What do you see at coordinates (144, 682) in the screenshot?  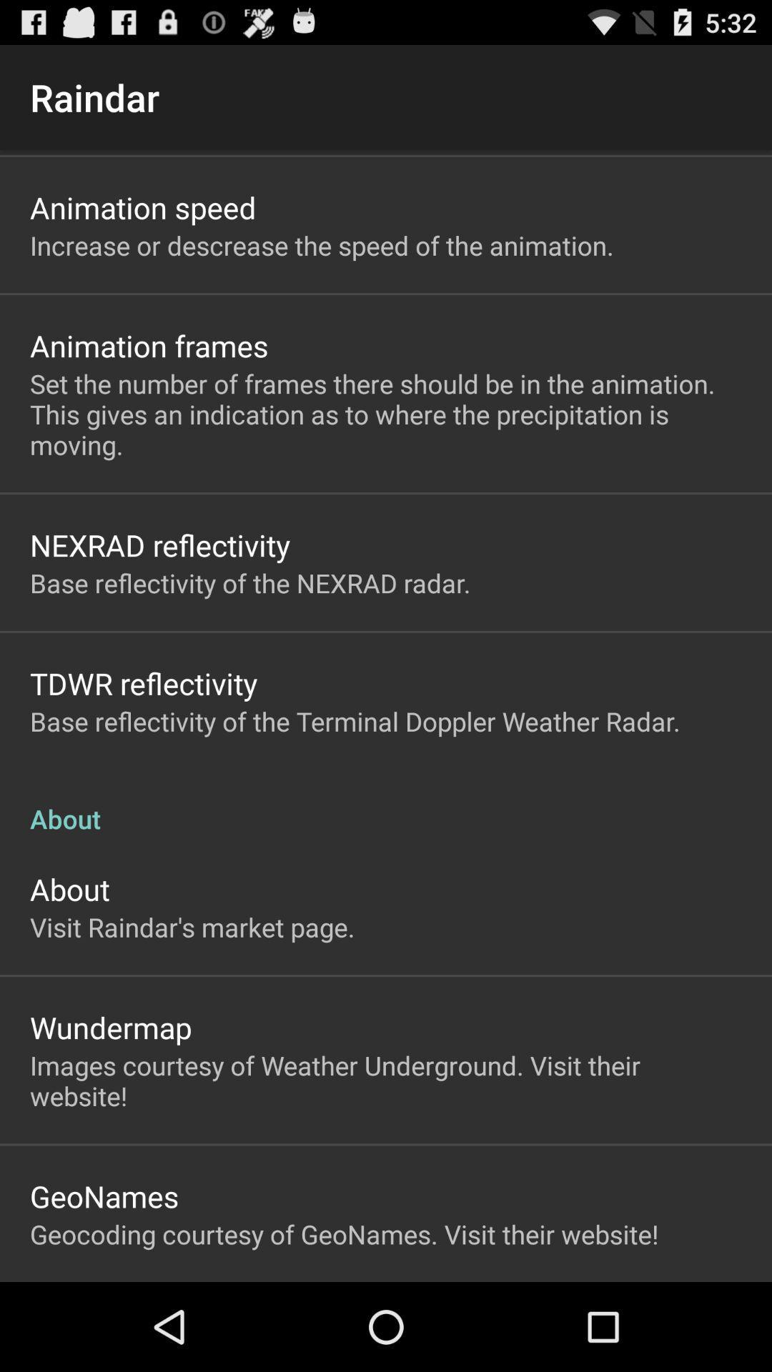 I see `icon below base reflectivity of item` at bounding box center [144, 682].